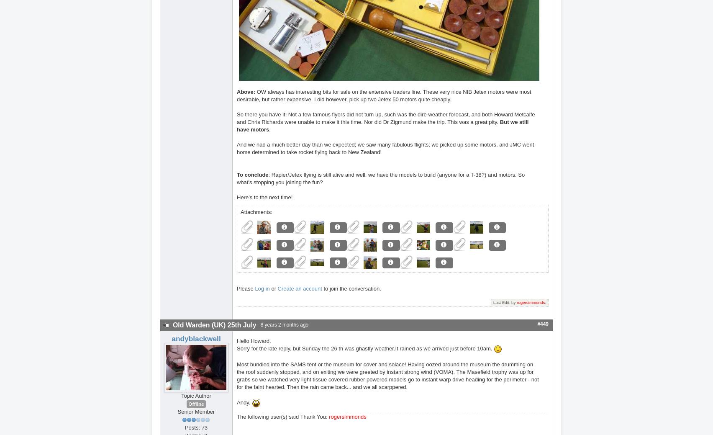 Image resolution: width=713 pixels, height=435 pixels. What do you see at coordinates (384, 95) in the screenshot?
I see `'OW always has interesting bits for sale on the extensive traders line.  These very nice NIB Jetex motors were most desirable, but rather expensive.  I did however, pick up two Jetex 50 motors quite cheaply.'` at bounding box center [384, 95].